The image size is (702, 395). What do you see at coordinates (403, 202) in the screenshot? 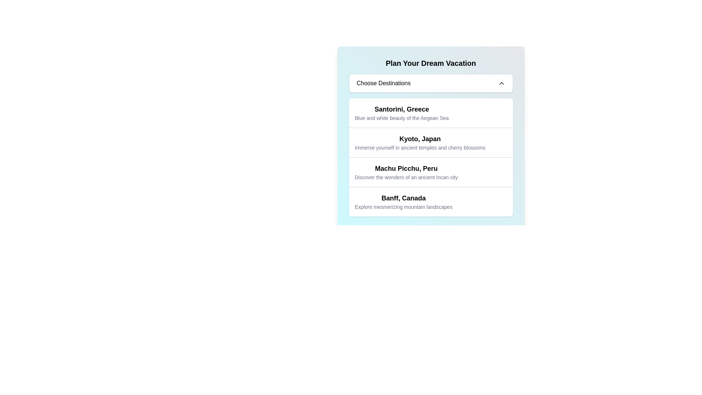
I see `the text block providing information about the Banff, Canada destination, which is the last item in the vacation destinations list` at bounding box center [403, 202].